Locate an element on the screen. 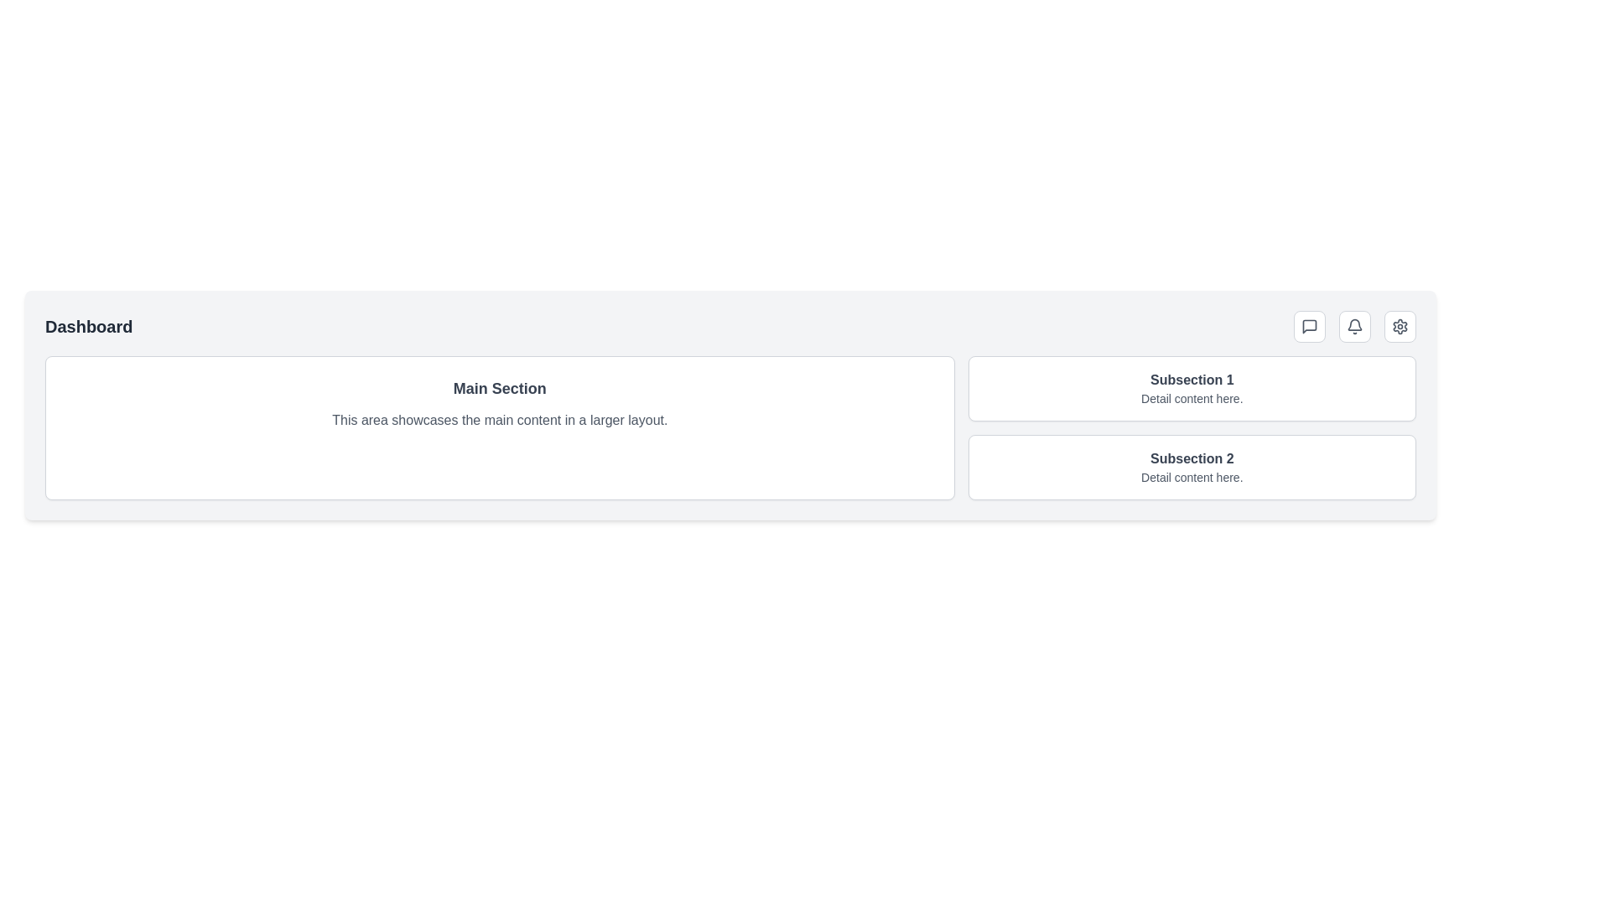 The width and height of the screenshot is (1610, 905). text from the 'Subsection 2' label, which is a medium-sized, bold sans-serif text in dark gray, located in the middle-right section of the interface is located at coordinates (1191, 458).